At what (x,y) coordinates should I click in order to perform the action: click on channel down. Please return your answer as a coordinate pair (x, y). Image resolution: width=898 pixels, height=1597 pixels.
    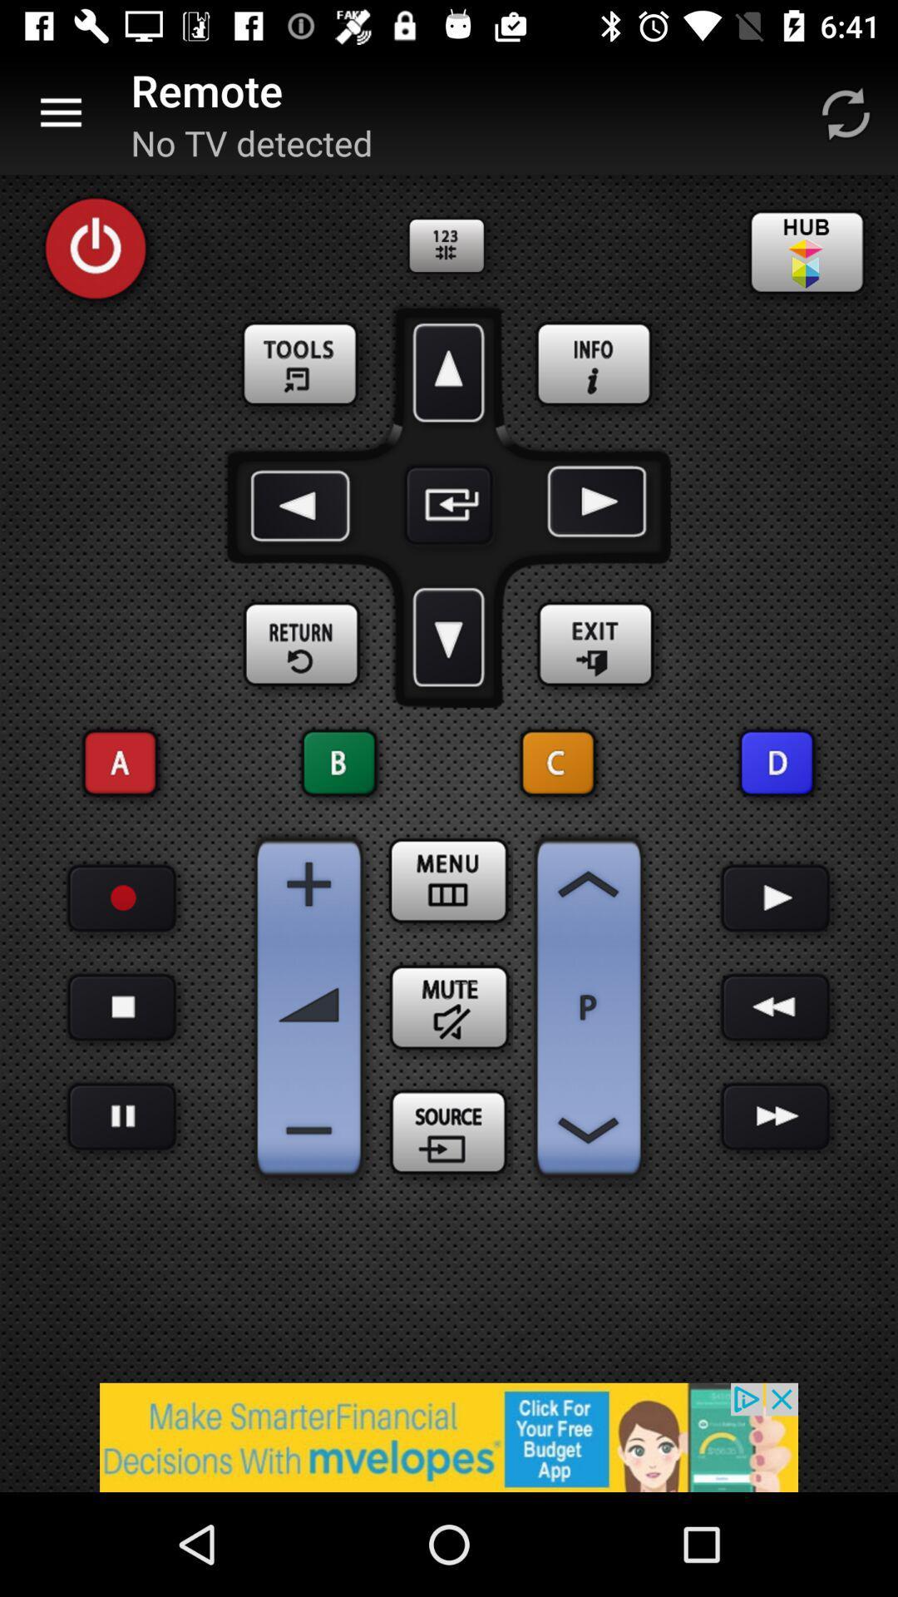
    Looking at the image, I should click on (588, 1130).